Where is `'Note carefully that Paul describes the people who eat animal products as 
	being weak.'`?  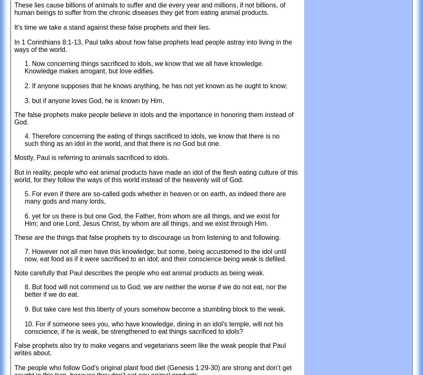
'Note carefully that Paul describes the people who eat animal products as 
	being weak.' is located at coordinates (14, 272).